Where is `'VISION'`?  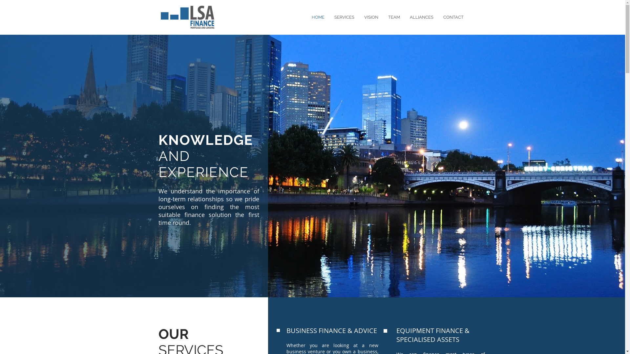
'VISION' is located at coordinates (371, 17).